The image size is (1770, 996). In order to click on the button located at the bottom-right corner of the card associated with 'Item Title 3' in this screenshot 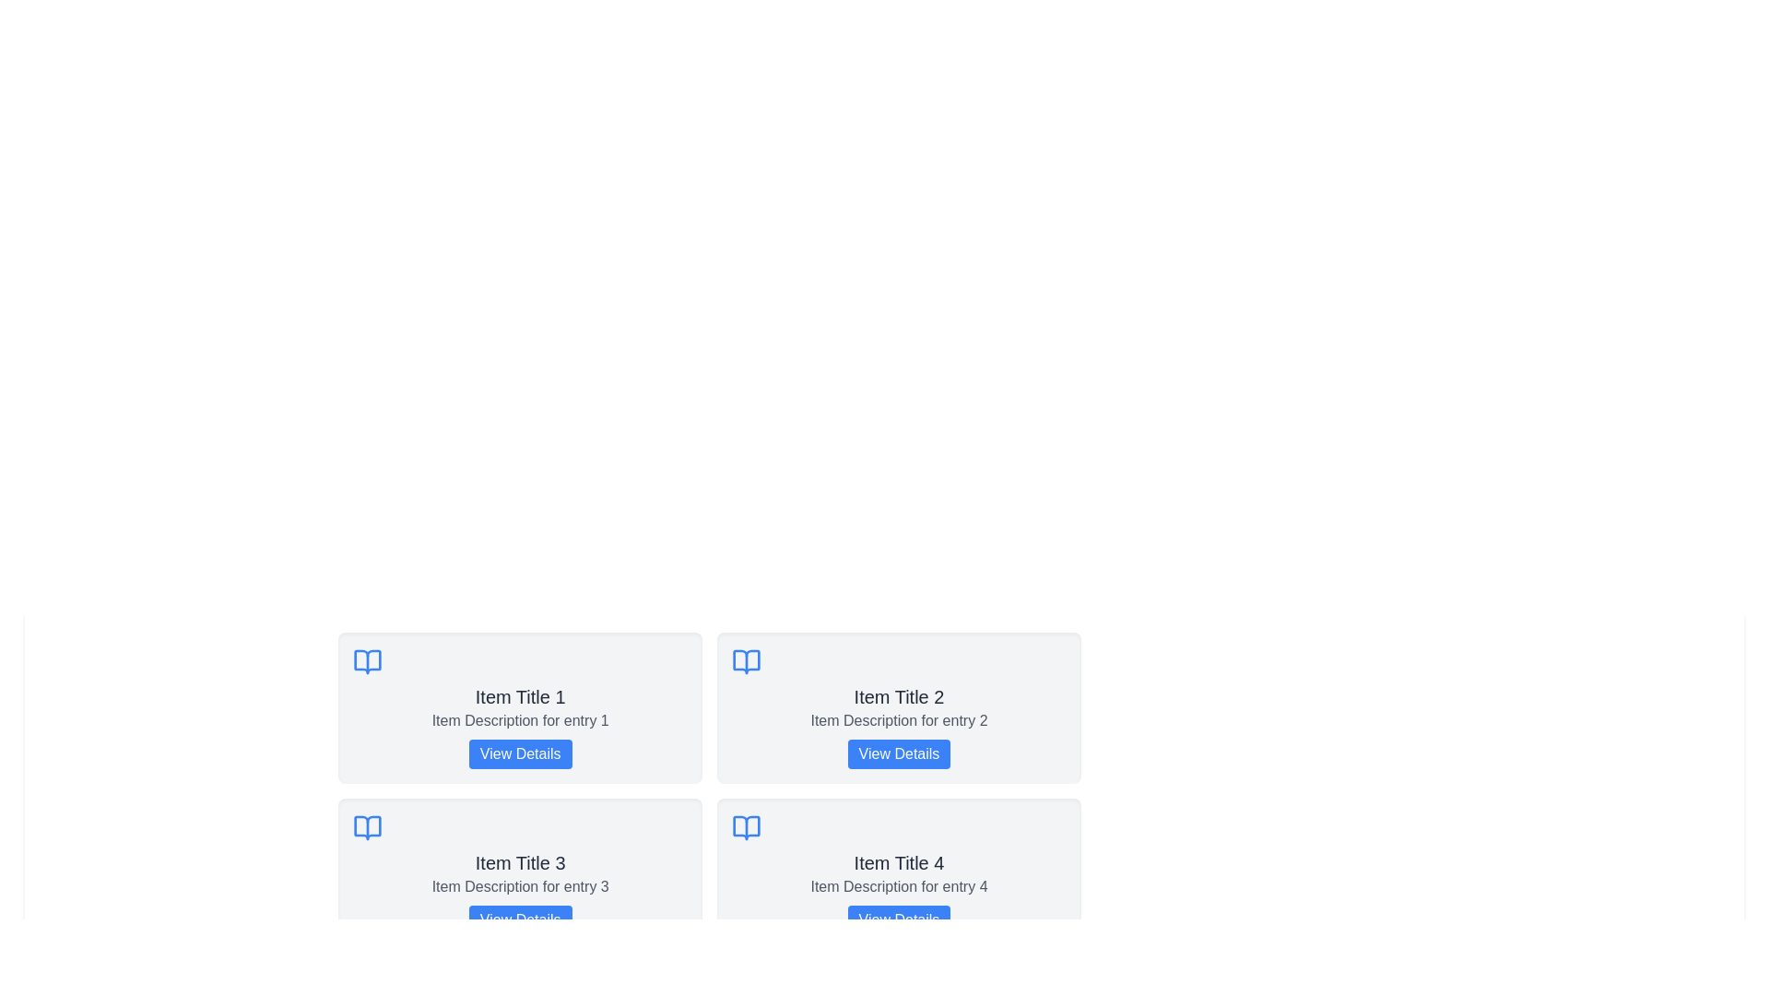, I will do `click(519, 920)`.